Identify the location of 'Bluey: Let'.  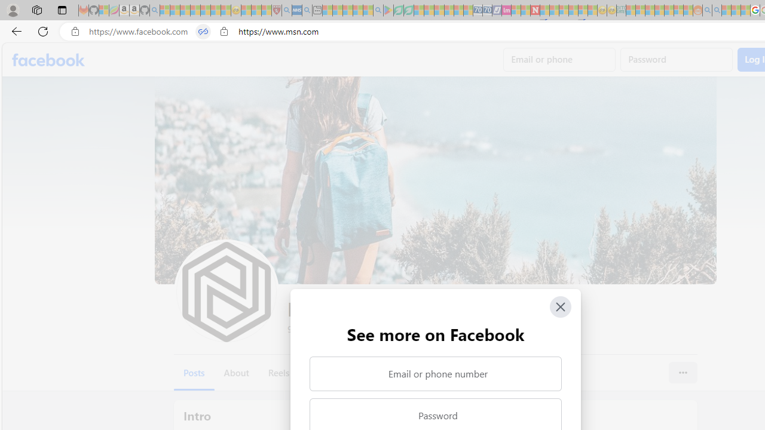
(388, 10).